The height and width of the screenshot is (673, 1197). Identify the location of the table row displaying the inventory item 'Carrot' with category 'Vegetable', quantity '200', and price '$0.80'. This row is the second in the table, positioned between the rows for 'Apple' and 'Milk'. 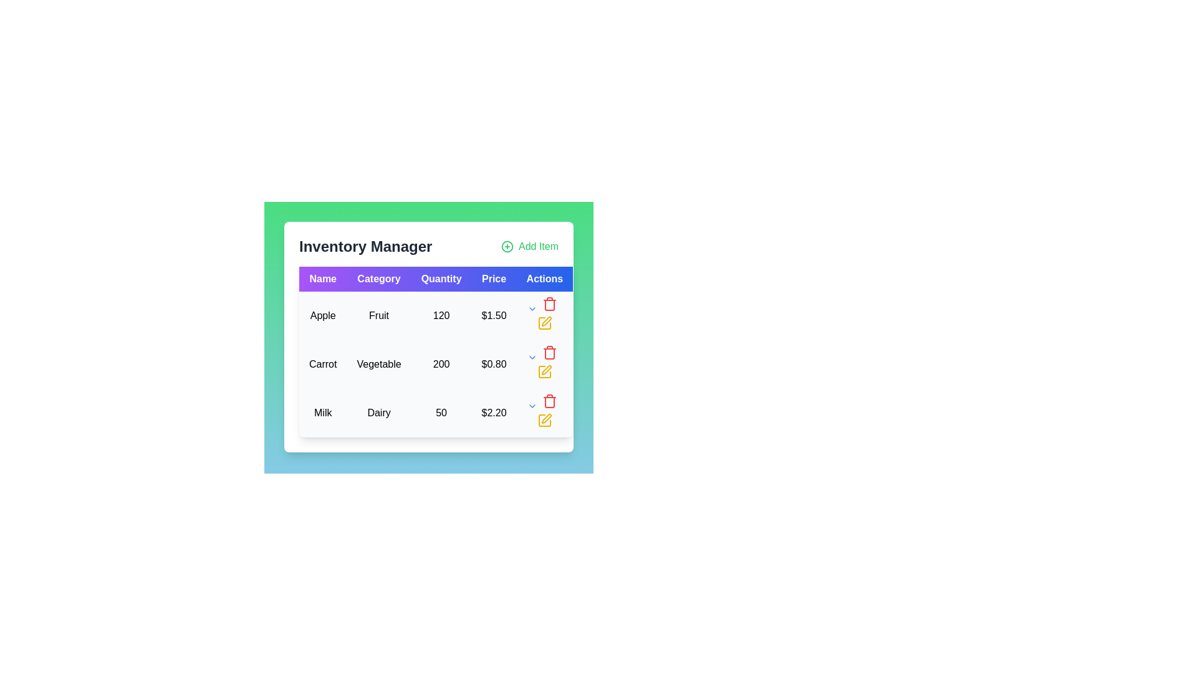
(436, 365).